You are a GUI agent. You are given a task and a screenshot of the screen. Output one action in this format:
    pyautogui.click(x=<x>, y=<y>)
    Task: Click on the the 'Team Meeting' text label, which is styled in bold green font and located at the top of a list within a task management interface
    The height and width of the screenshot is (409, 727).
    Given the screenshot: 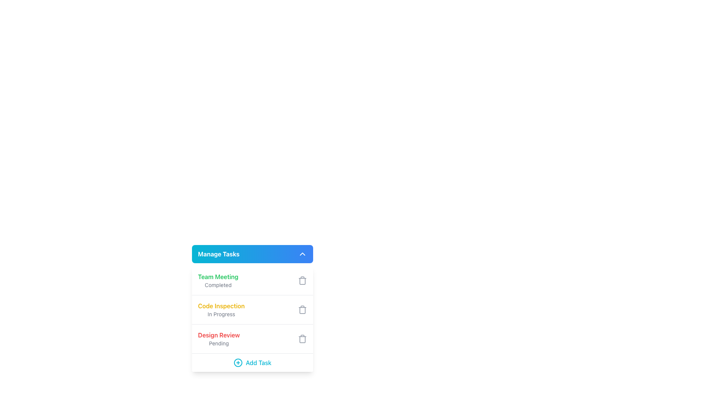 What is the action you would take?
    pyautogui.click(x=218, y=277)
    